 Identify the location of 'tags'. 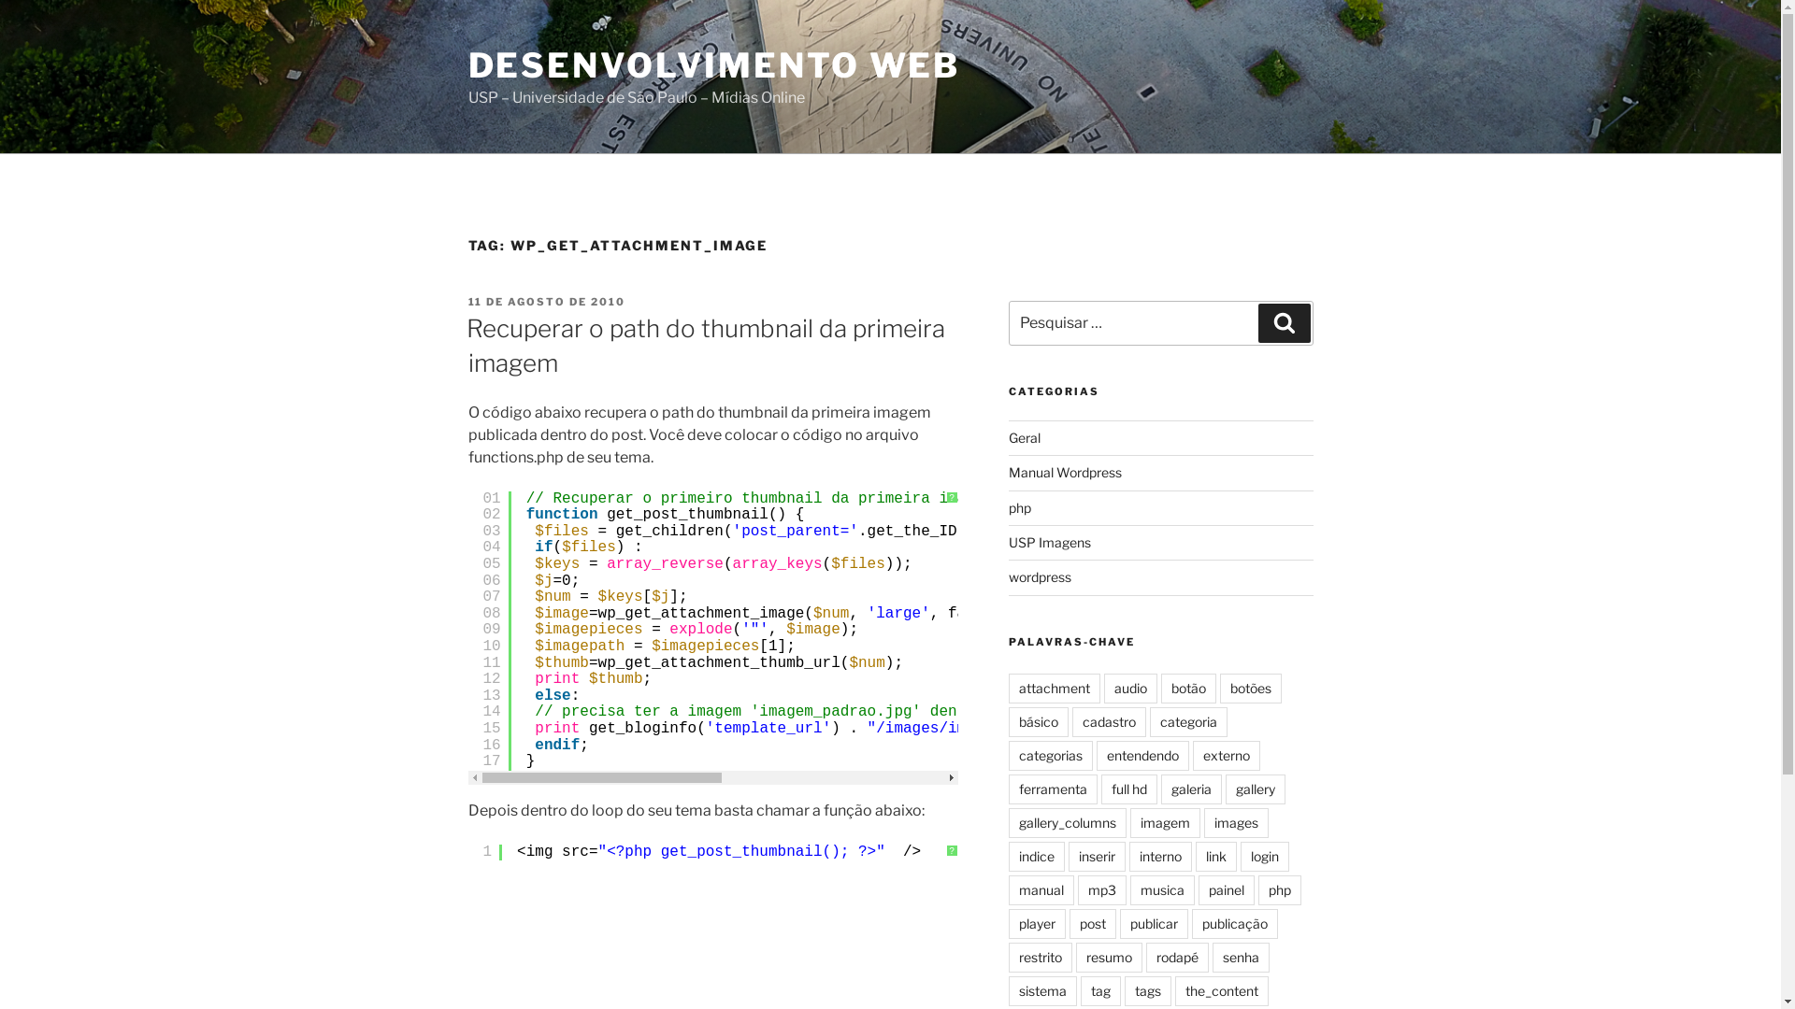
(1147, 989).